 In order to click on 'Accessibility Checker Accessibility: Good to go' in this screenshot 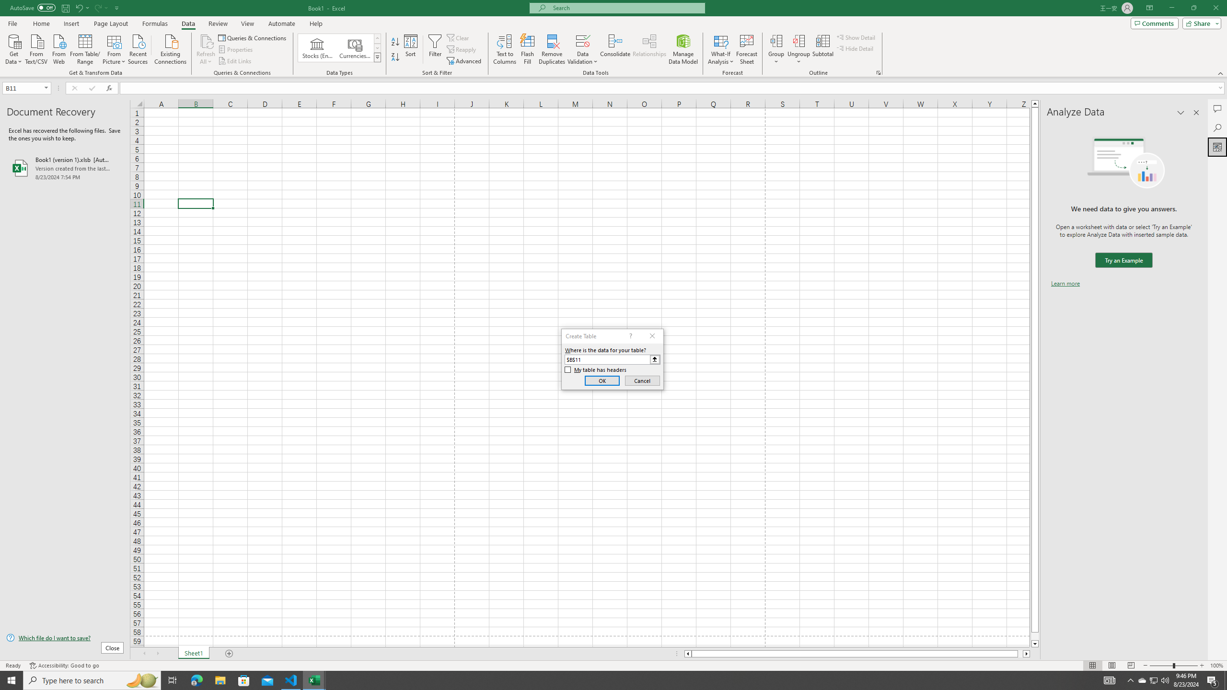, I will do `click(64, 666)`.